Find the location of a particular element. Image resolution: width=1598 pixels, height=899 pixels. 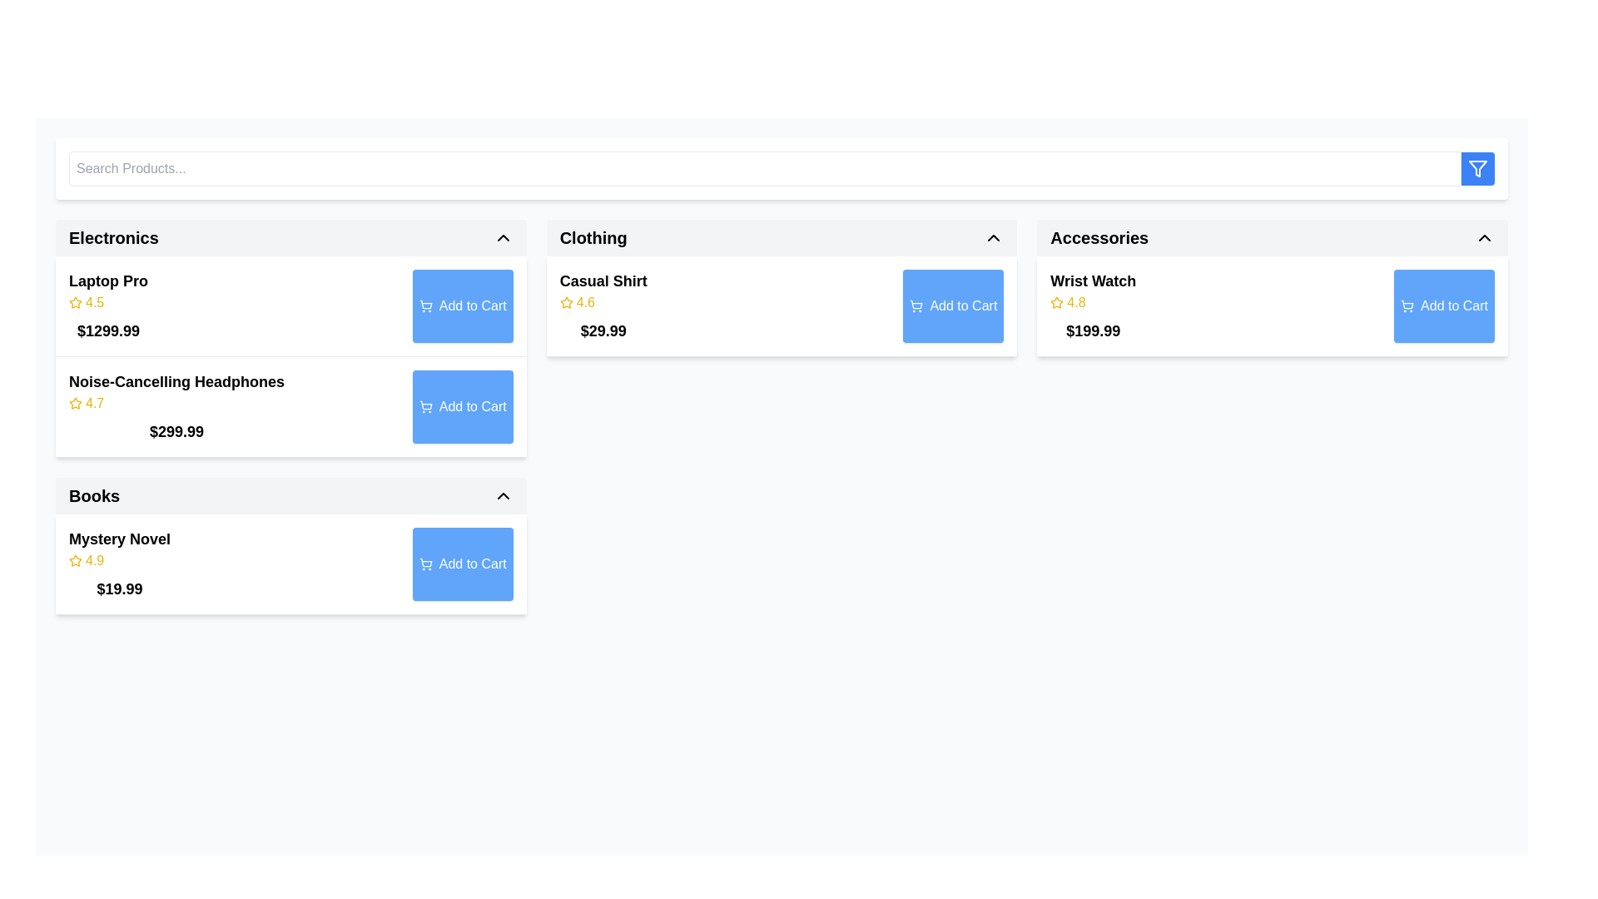

the star icon indicating the rating for the 'Noise-Cancelling Headphones' product in the 'Electronics' section is located at coordinates (75, 403).